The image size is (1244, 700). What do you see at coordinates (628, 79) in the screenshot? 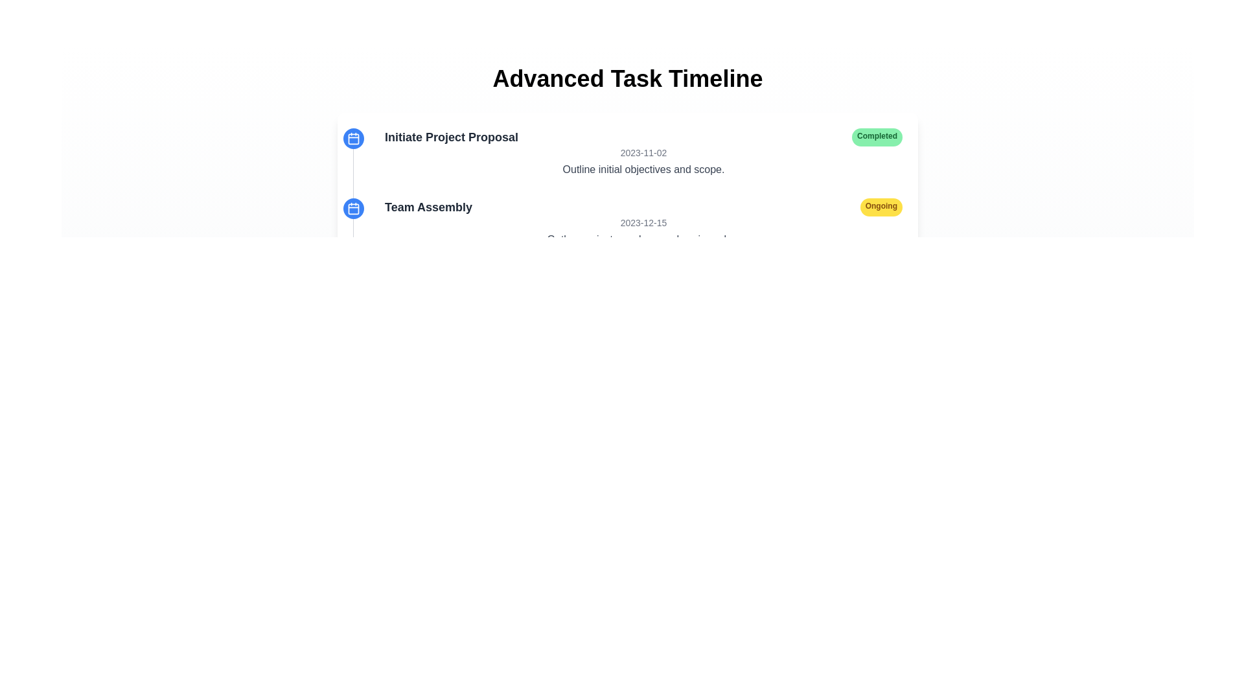
I see `the static text header displaying 'Advanced Task Timeline', which is prominently positioned at the top of the task-oriented interface` at bounding box center [628, 79].